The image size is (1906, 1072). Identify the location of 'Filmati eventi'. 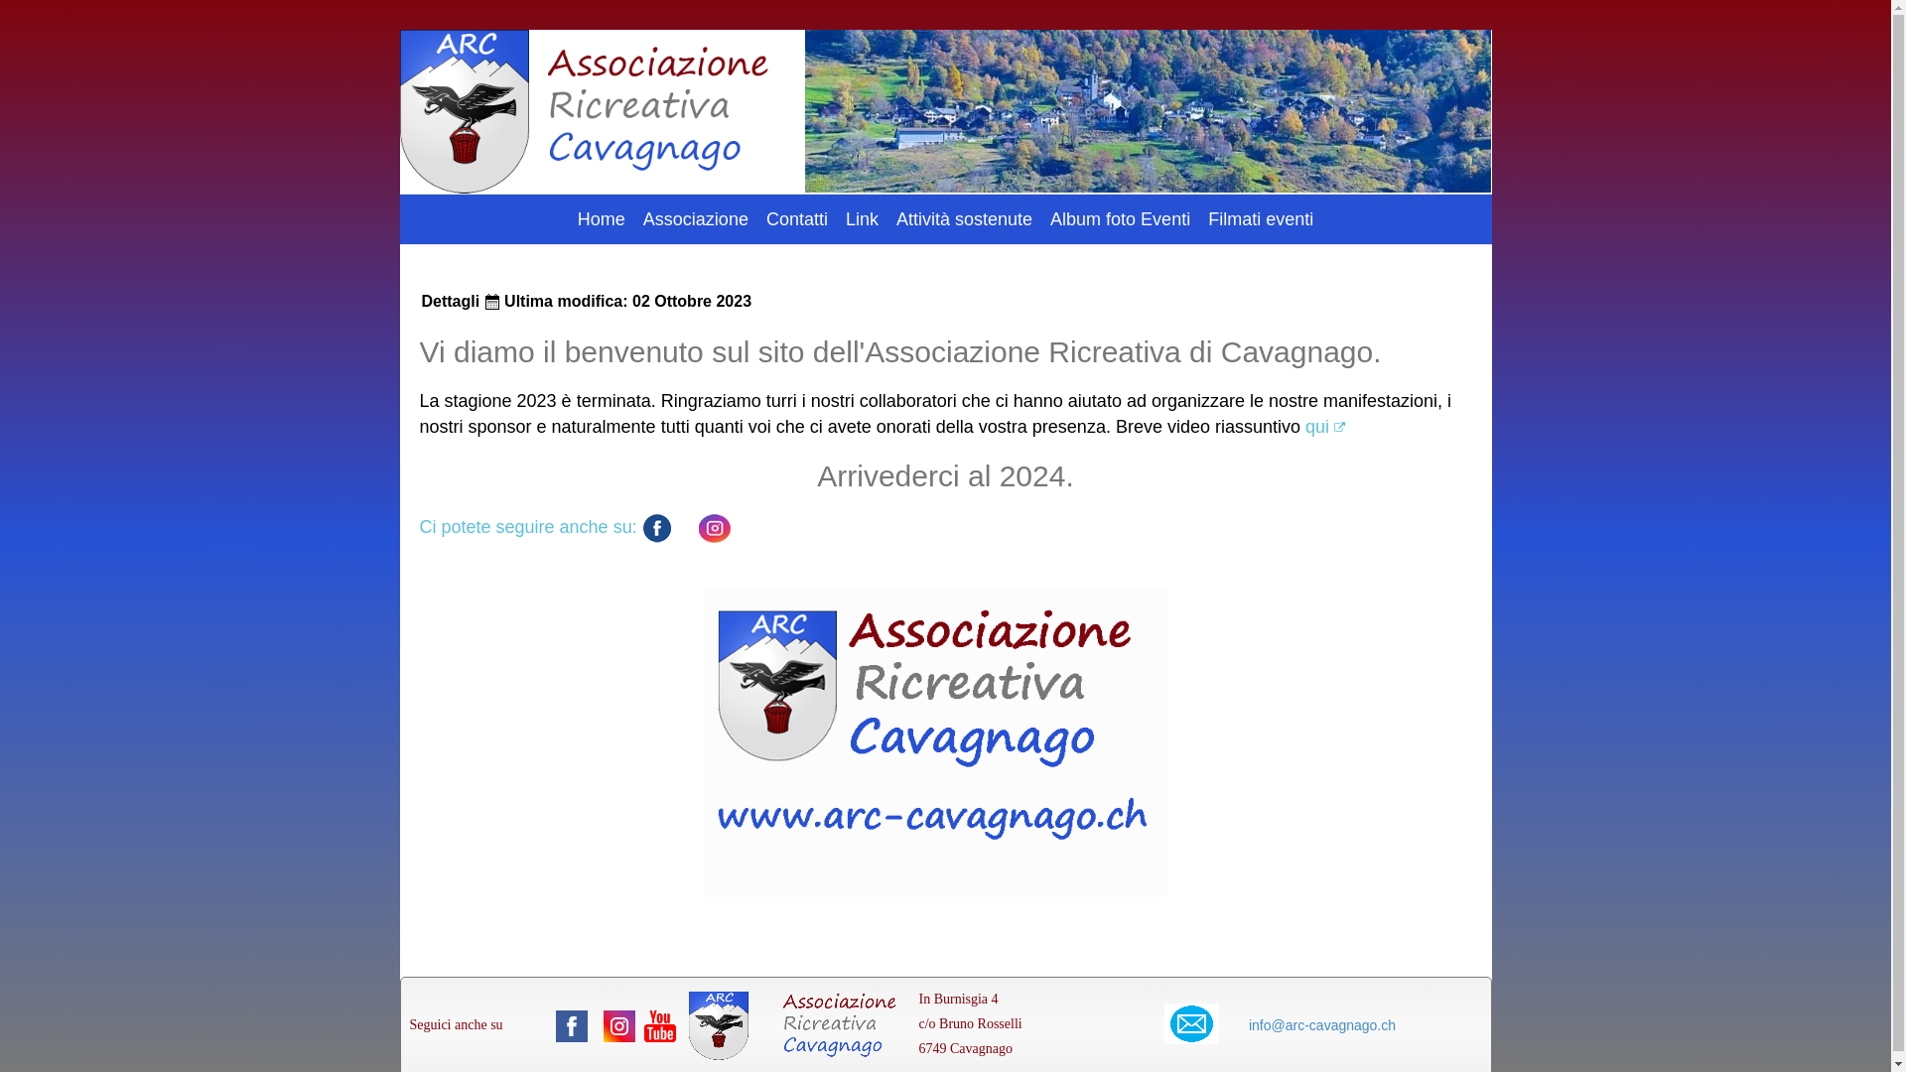
(1260, 218).